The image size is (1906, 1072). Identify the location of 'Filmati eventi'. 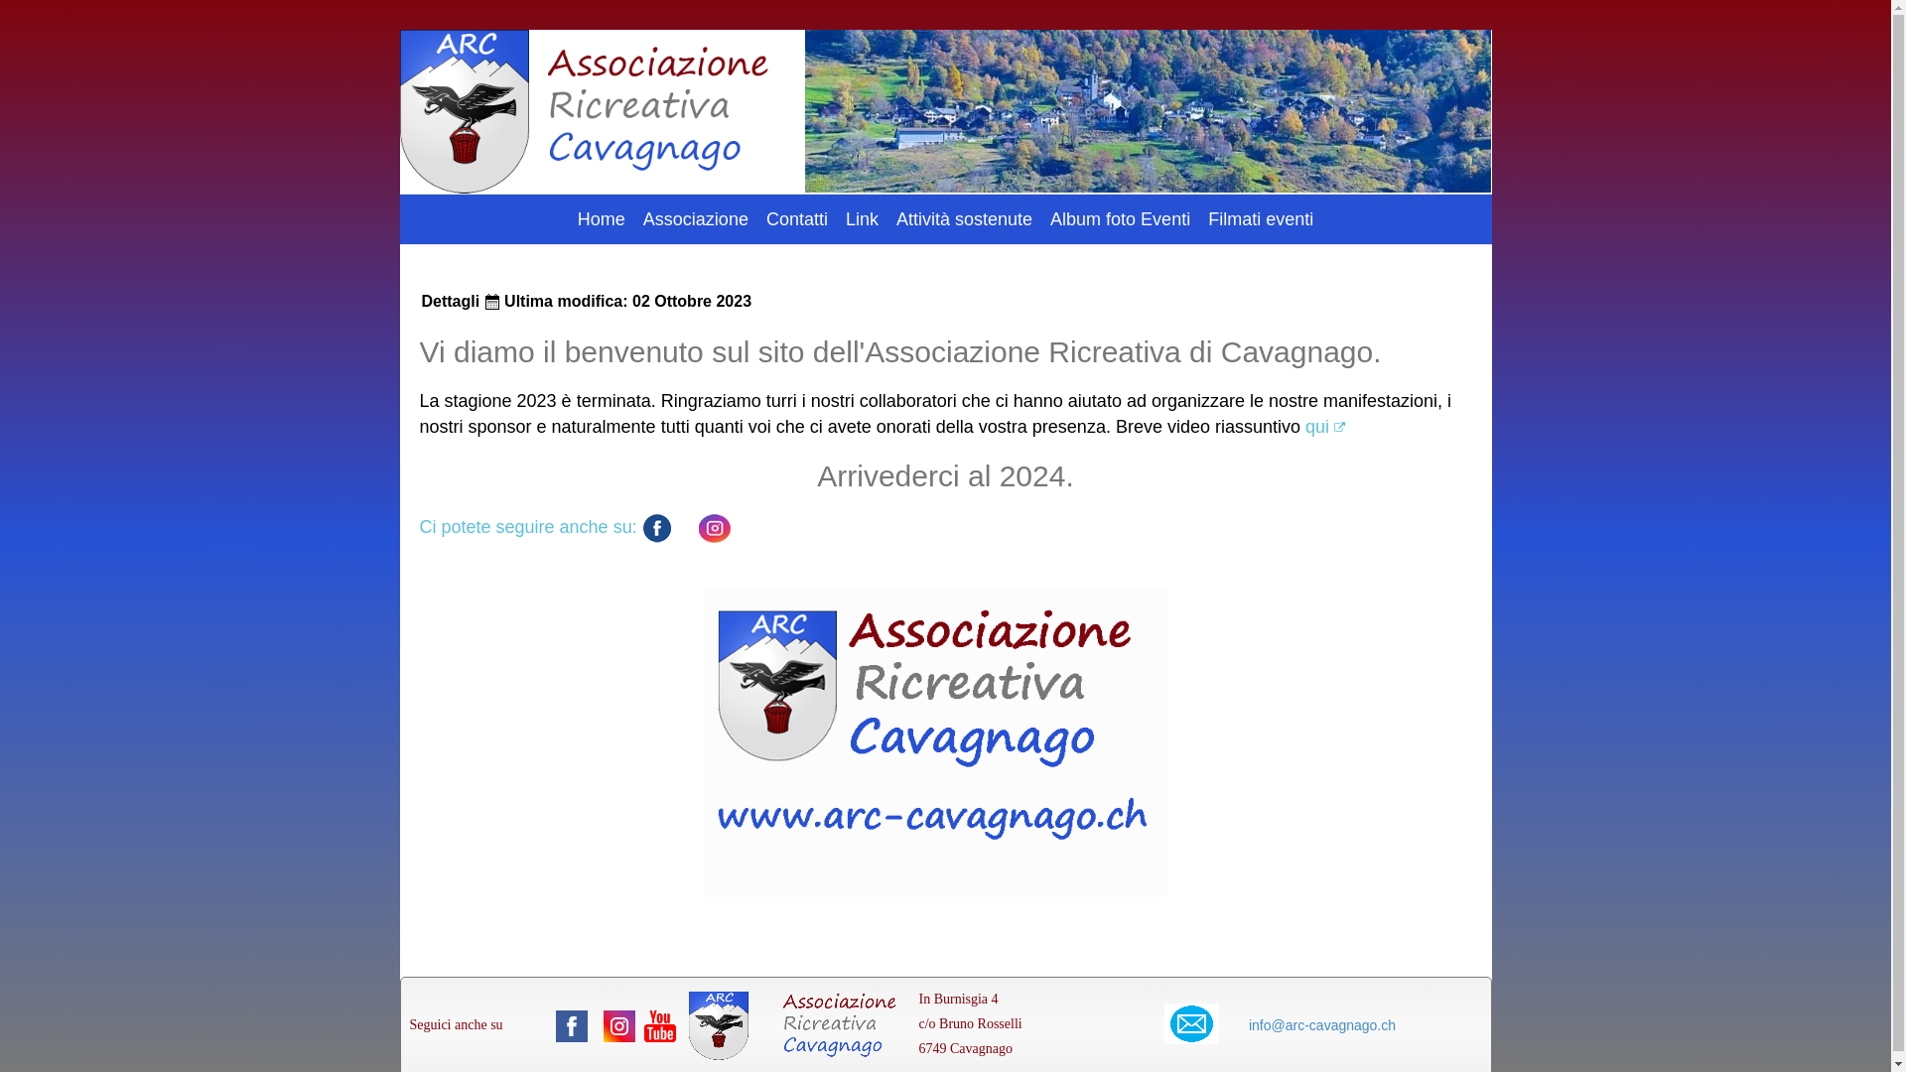
(1260, 218).